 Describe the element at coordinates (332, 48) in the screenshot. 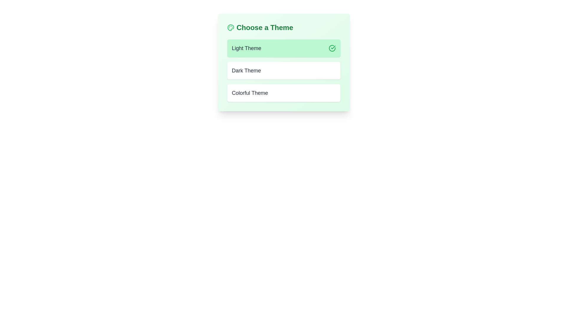

I see `the round green checkmark icon located to the right of the 'Light Theme' text` at that location.